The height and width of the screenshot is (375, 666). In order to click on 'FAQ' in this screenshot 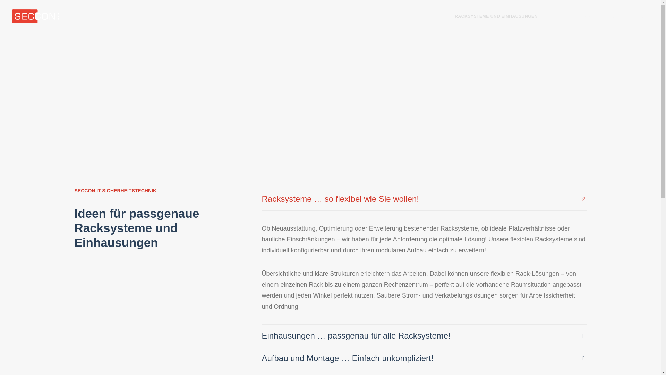, I will do `click(553, 16)`.